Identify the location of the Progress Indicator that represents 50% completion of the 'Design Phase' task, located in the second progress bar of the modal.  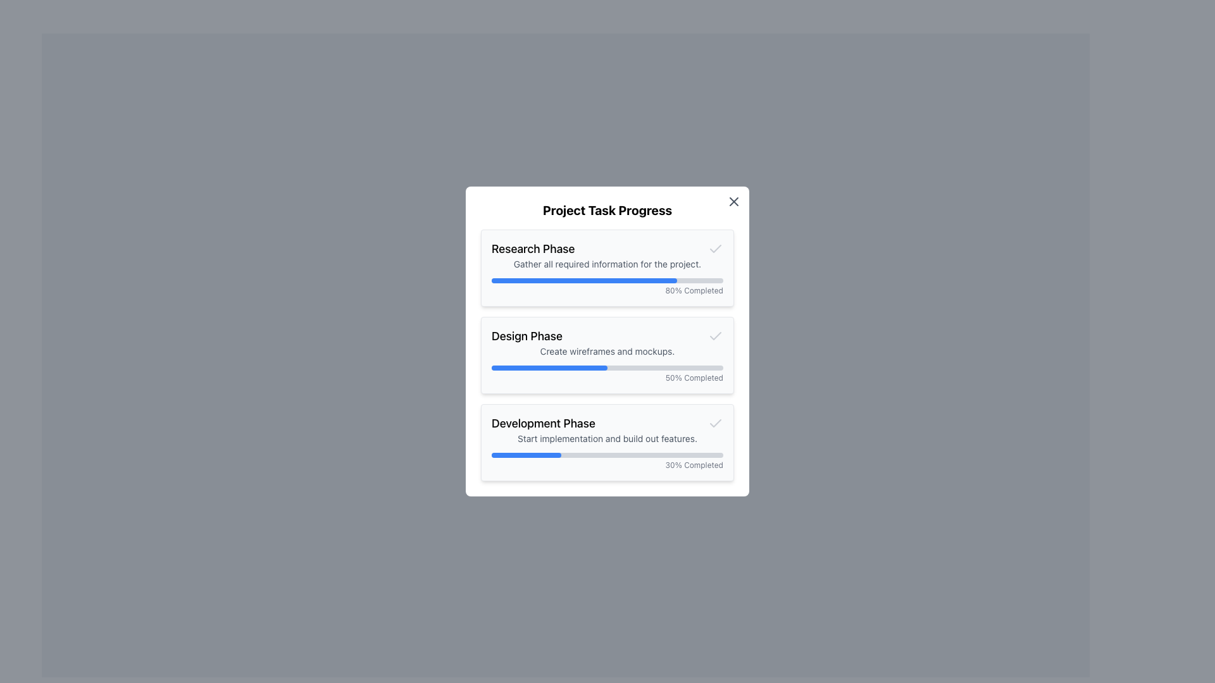
(549, 368).